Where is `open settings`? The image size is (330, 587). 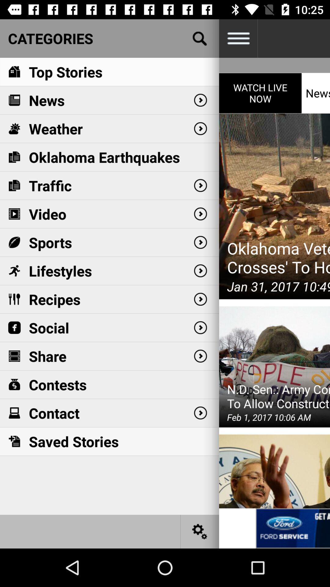 open settings is located at coordinates (200, 531).